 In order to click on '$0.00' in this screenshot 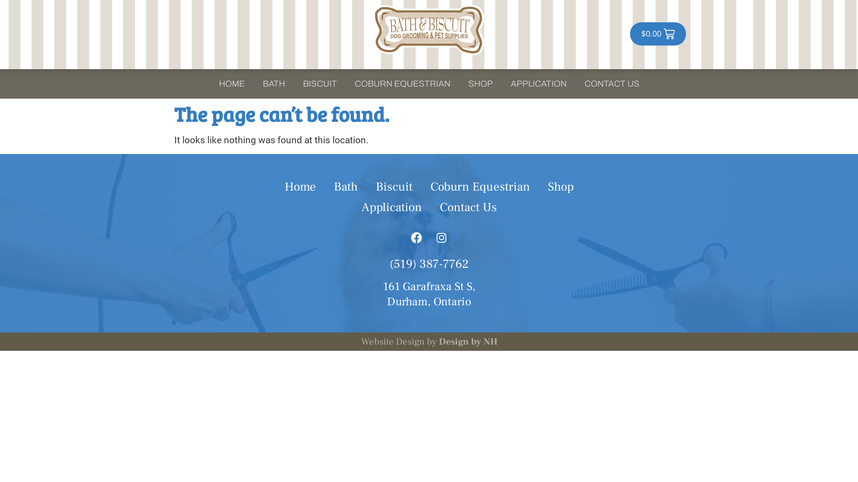, I will do `click(658, 33)`.